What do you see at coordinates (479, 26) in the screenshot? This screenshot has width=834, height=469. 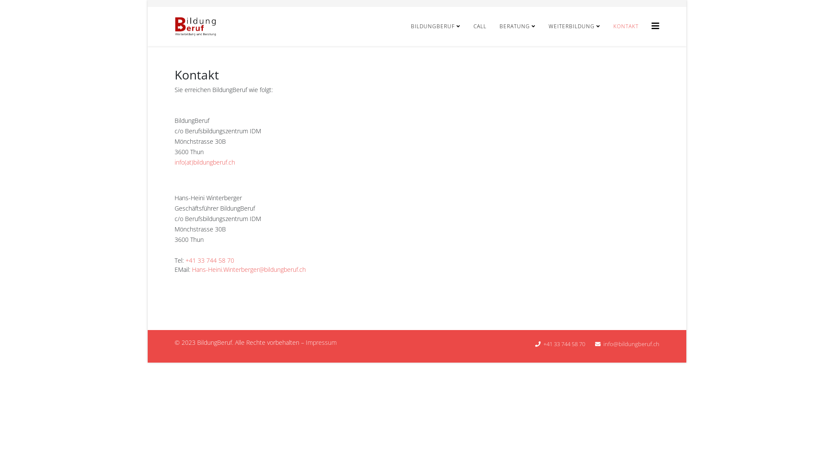 I see `'CALL'` at bounding box center [479, 26].